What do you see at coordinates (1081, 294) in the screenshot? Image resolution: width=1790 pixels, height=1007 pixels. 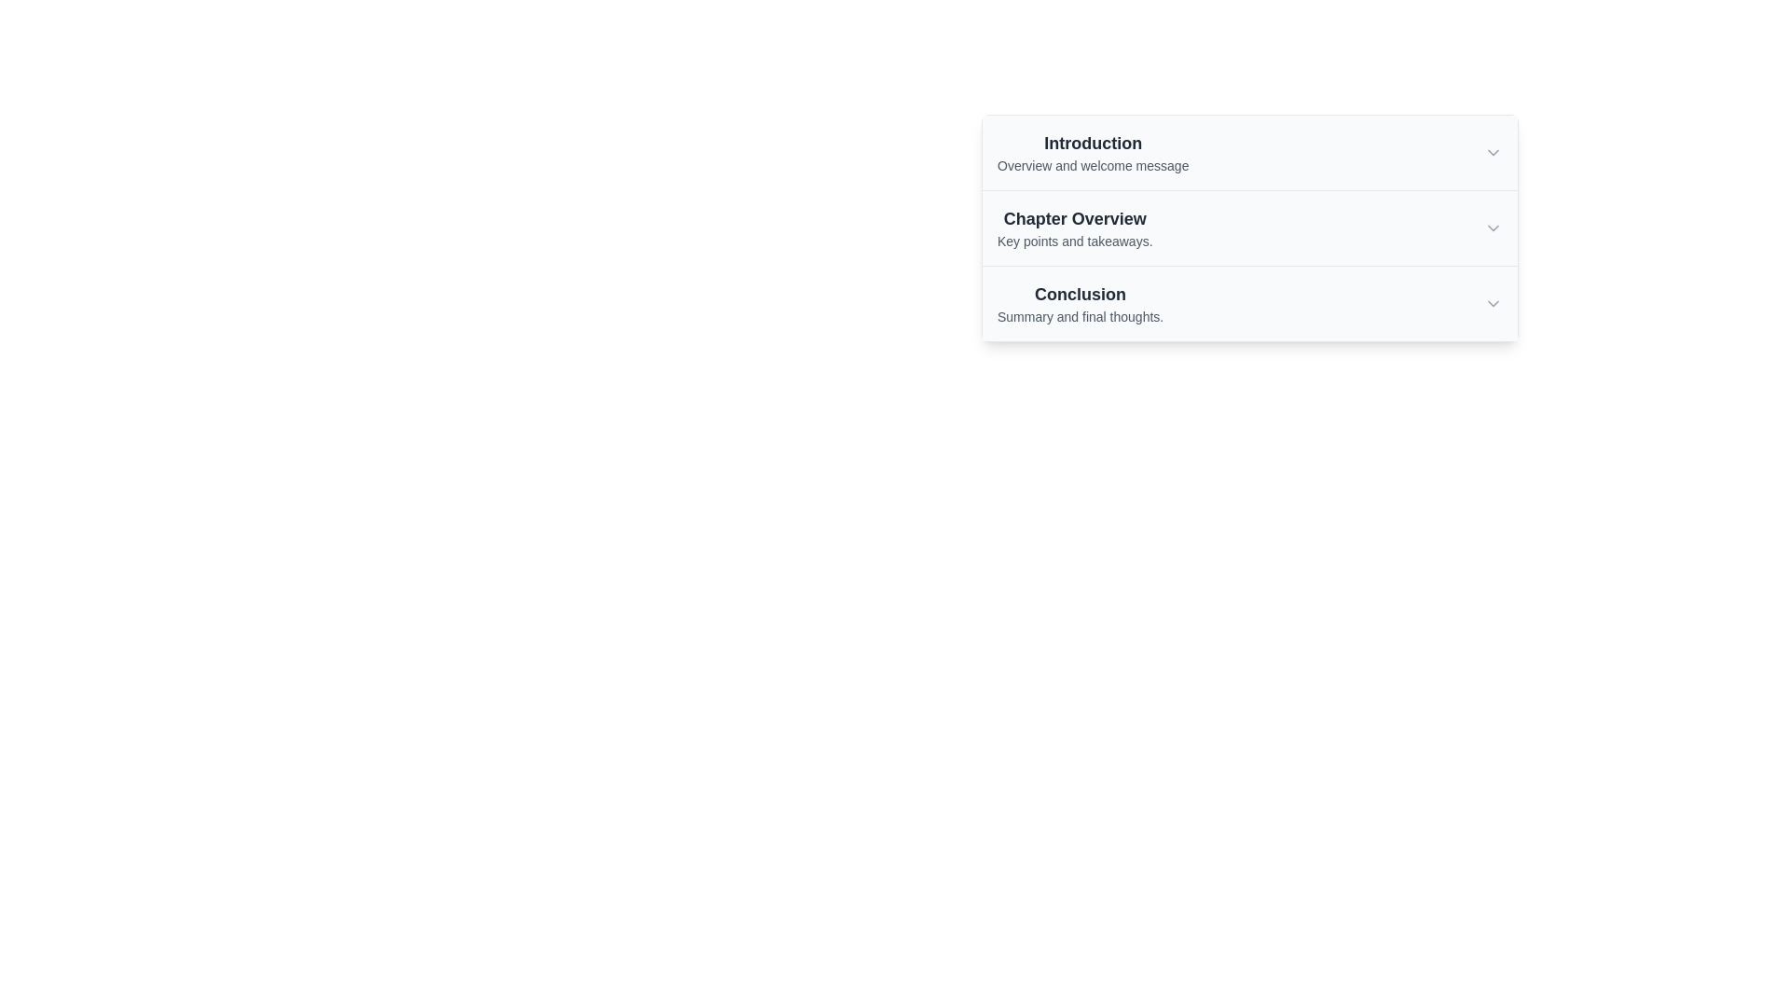 I see `the text label element that contains the bold 'Conclusion' heading, which is styled in dark gray against a light background and positioned above the descriptive text` at bounding box center [1081, 294].